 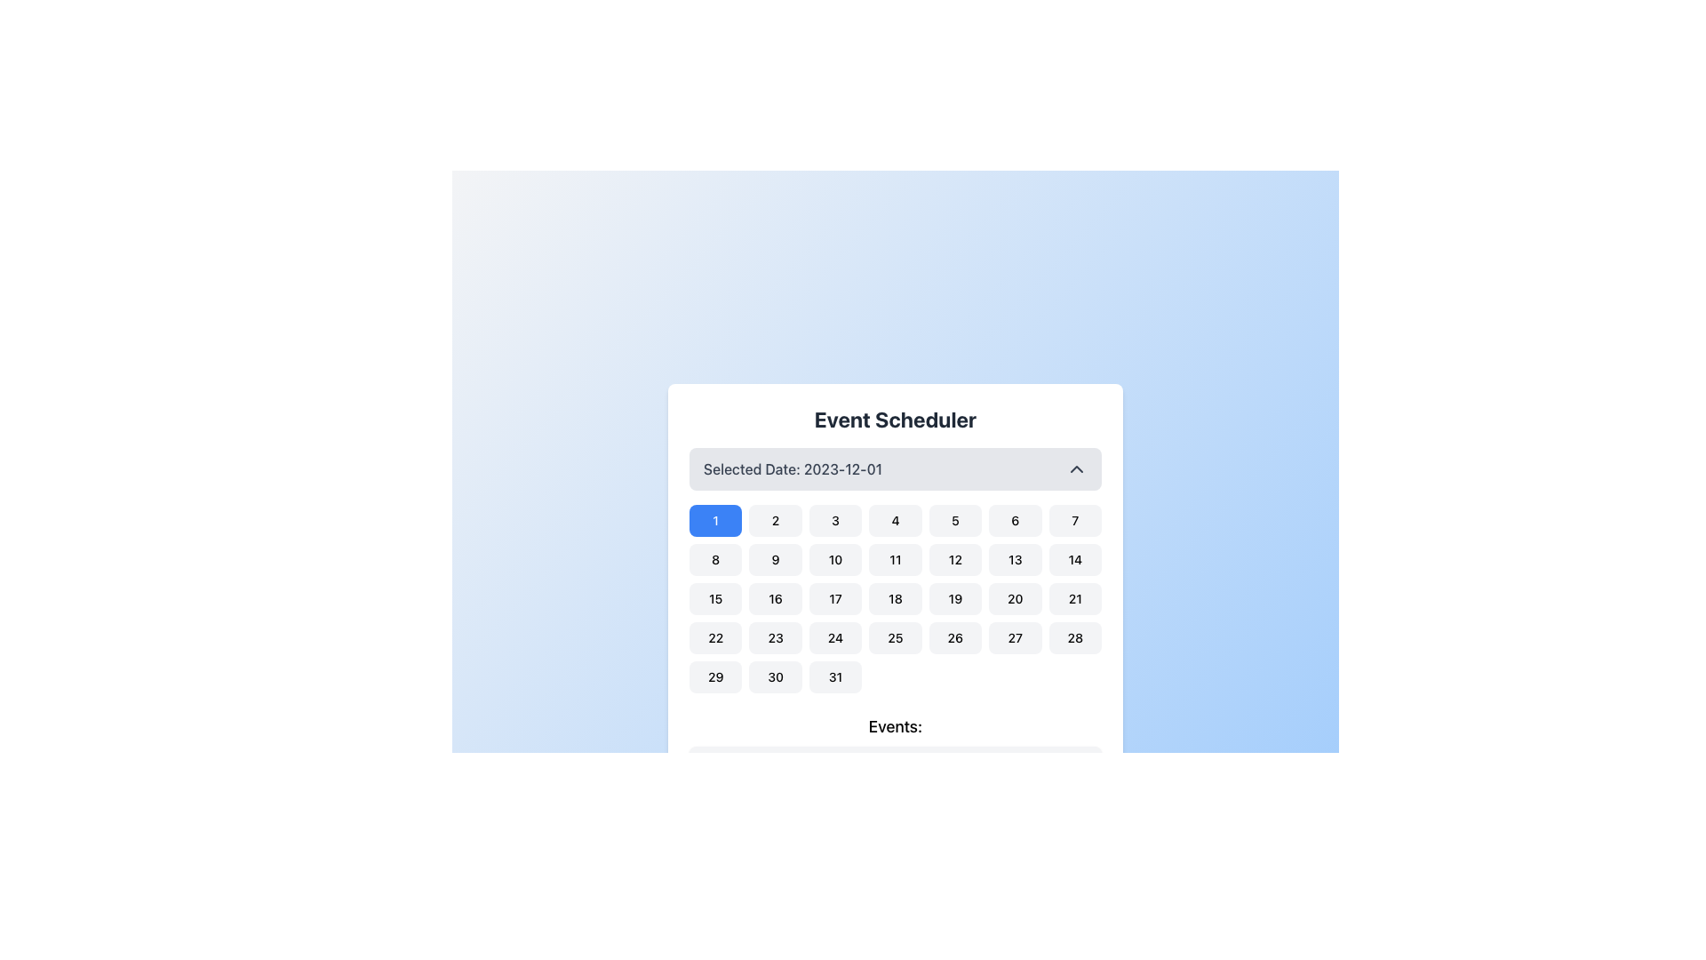 I want to click on the calendar day button for the date '16', so click(x=776, y=599).